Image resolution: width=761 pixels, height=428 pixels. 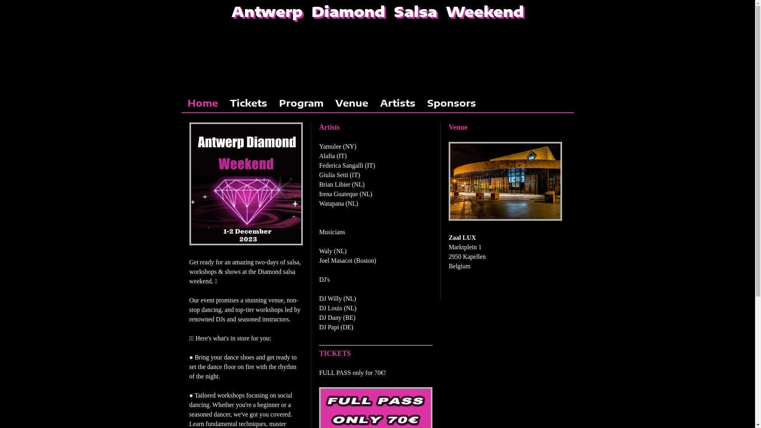 I want to click on 'Home', so click(x=203, y=102).